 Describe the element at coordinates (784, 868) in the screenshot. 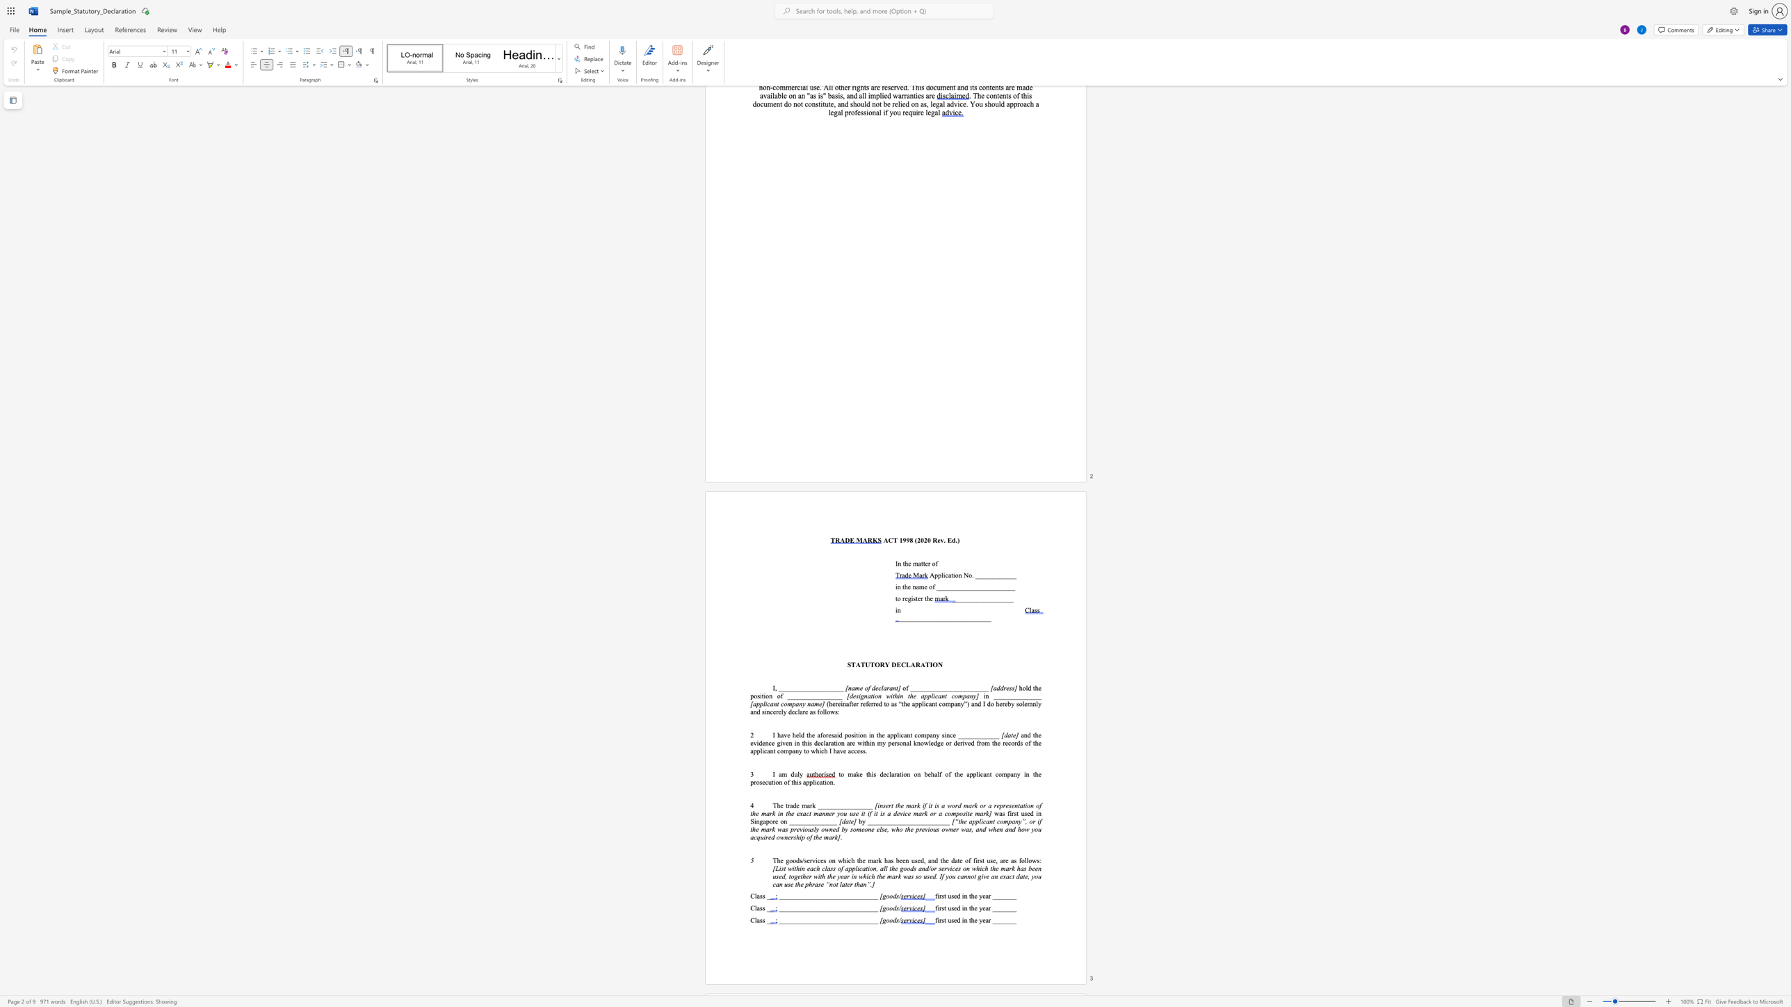

I see `the subset text "t within each class of appl" within the text "[List within each class of application, all the goods and/or services on which the mark has been used, together with the year in which the mark was so used. If you cannot give an exact date, you can use the phrase “not later than"` at that location.